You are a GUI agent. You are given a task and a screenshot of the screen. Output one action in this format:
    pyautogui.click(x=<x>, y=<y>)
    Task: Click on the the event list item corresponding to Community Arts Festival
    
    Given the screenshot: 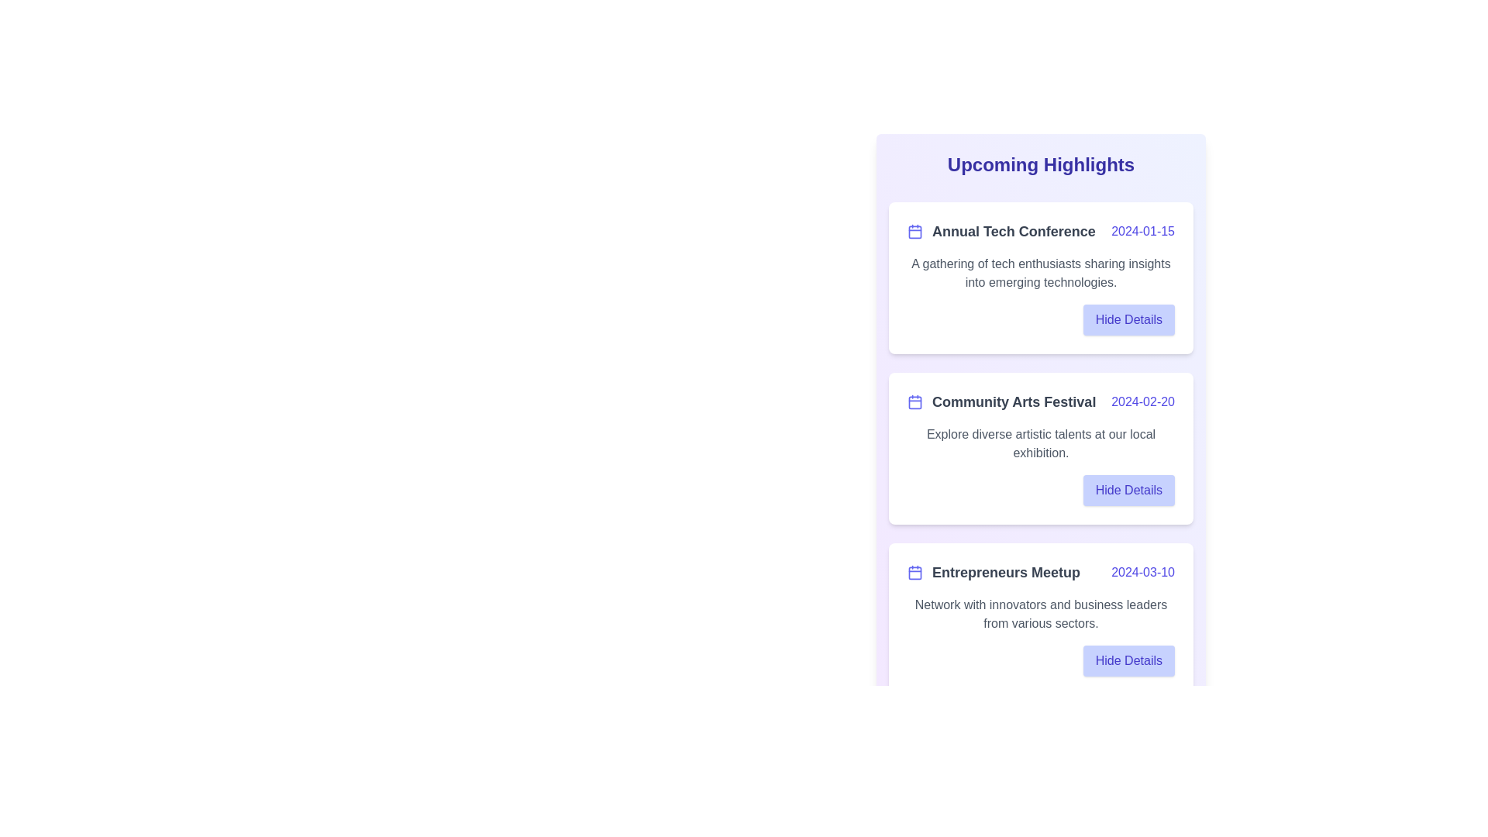 What is the action you would take?
    pyautogui.click(x=1041, y=448)
    